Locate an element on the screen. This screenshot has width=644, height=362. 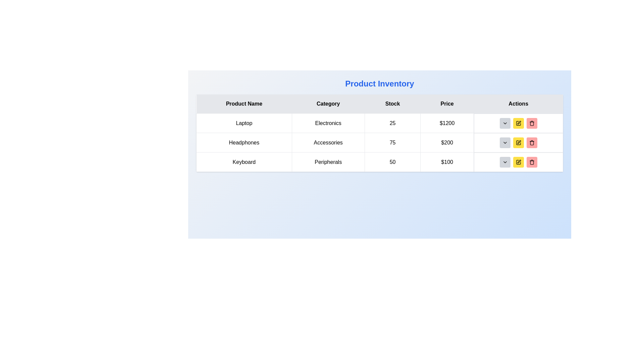
the static text display for the product 'Keyboard' located in the first cell of the third row under the 'Product Name' column is located at coordinates (244, 162).